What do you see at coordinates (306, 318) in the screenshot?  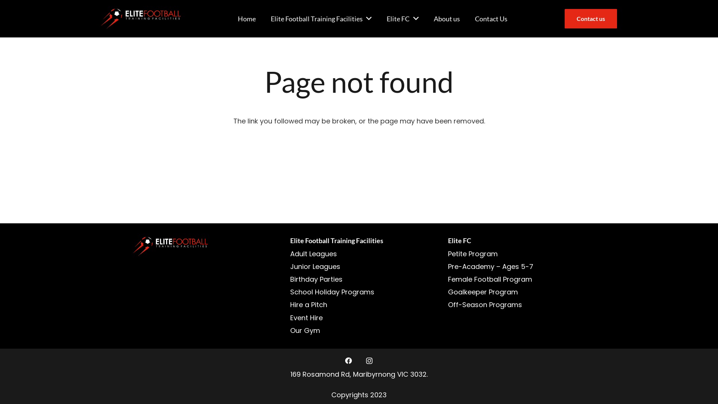 I see `'Event Hire'` at bounding box center [306, 318].